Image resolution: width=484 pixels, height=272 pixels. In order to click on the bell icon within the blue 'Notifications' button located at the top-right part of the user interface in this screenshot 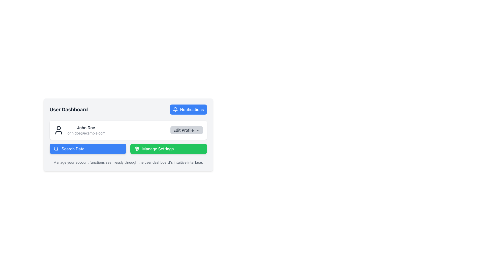, I will do `click(175, 109)`.